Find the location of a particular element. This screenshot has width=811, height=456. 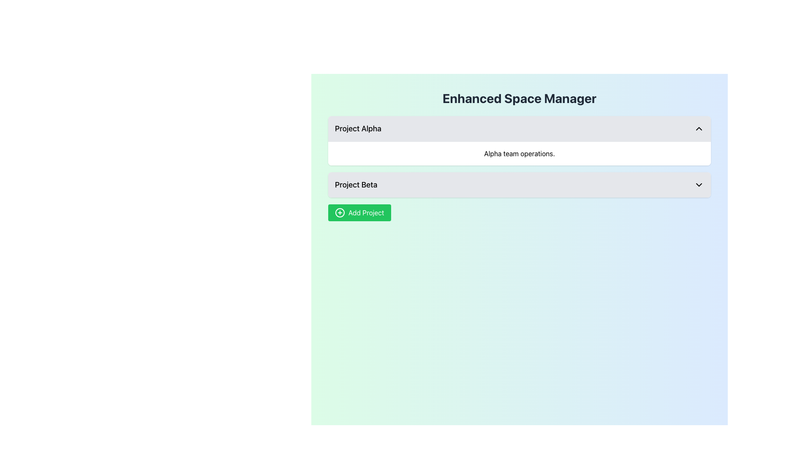

the decorative icon located on the left end of the 'Add Project' button, which visually indicates the button's functionality is located at coordinates (340, 212).